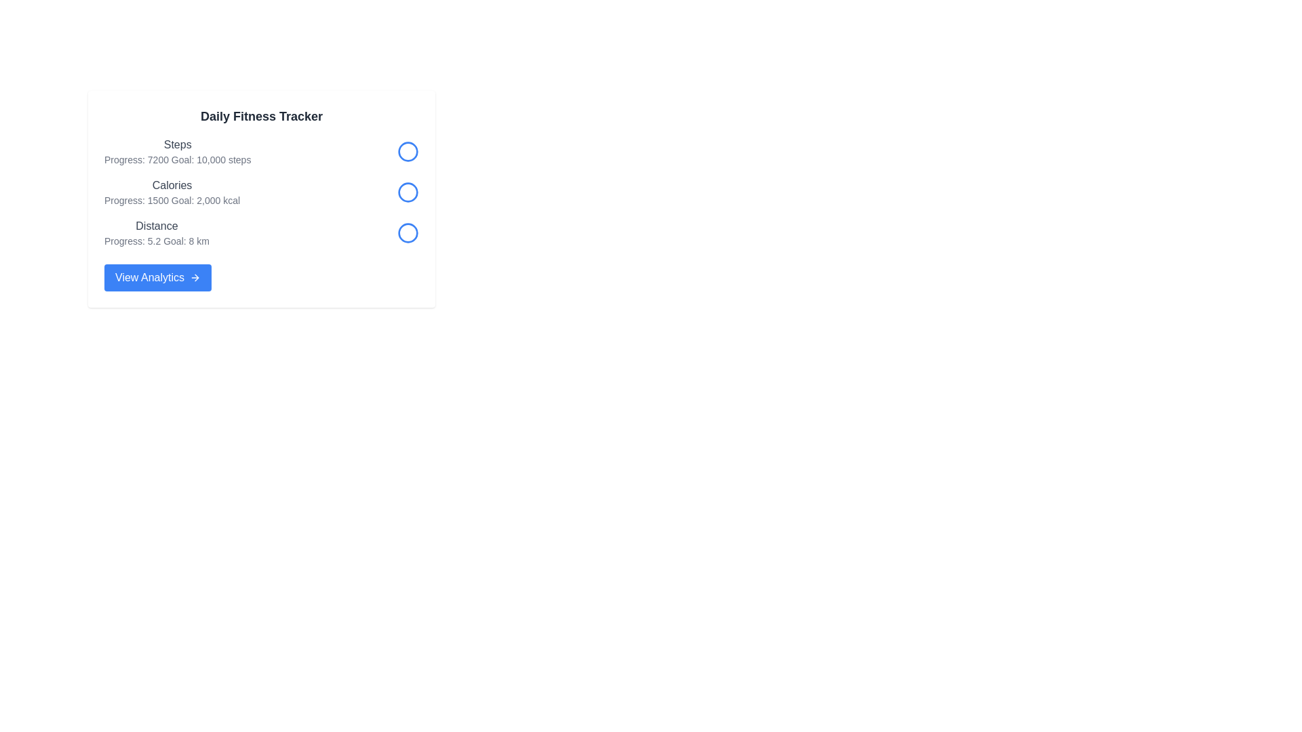 The image size is (1302, 732). I want to click on the 'View Analytics' button located at the bottom of the 'Daily Fitness Tracker' card, so click(157, 277).